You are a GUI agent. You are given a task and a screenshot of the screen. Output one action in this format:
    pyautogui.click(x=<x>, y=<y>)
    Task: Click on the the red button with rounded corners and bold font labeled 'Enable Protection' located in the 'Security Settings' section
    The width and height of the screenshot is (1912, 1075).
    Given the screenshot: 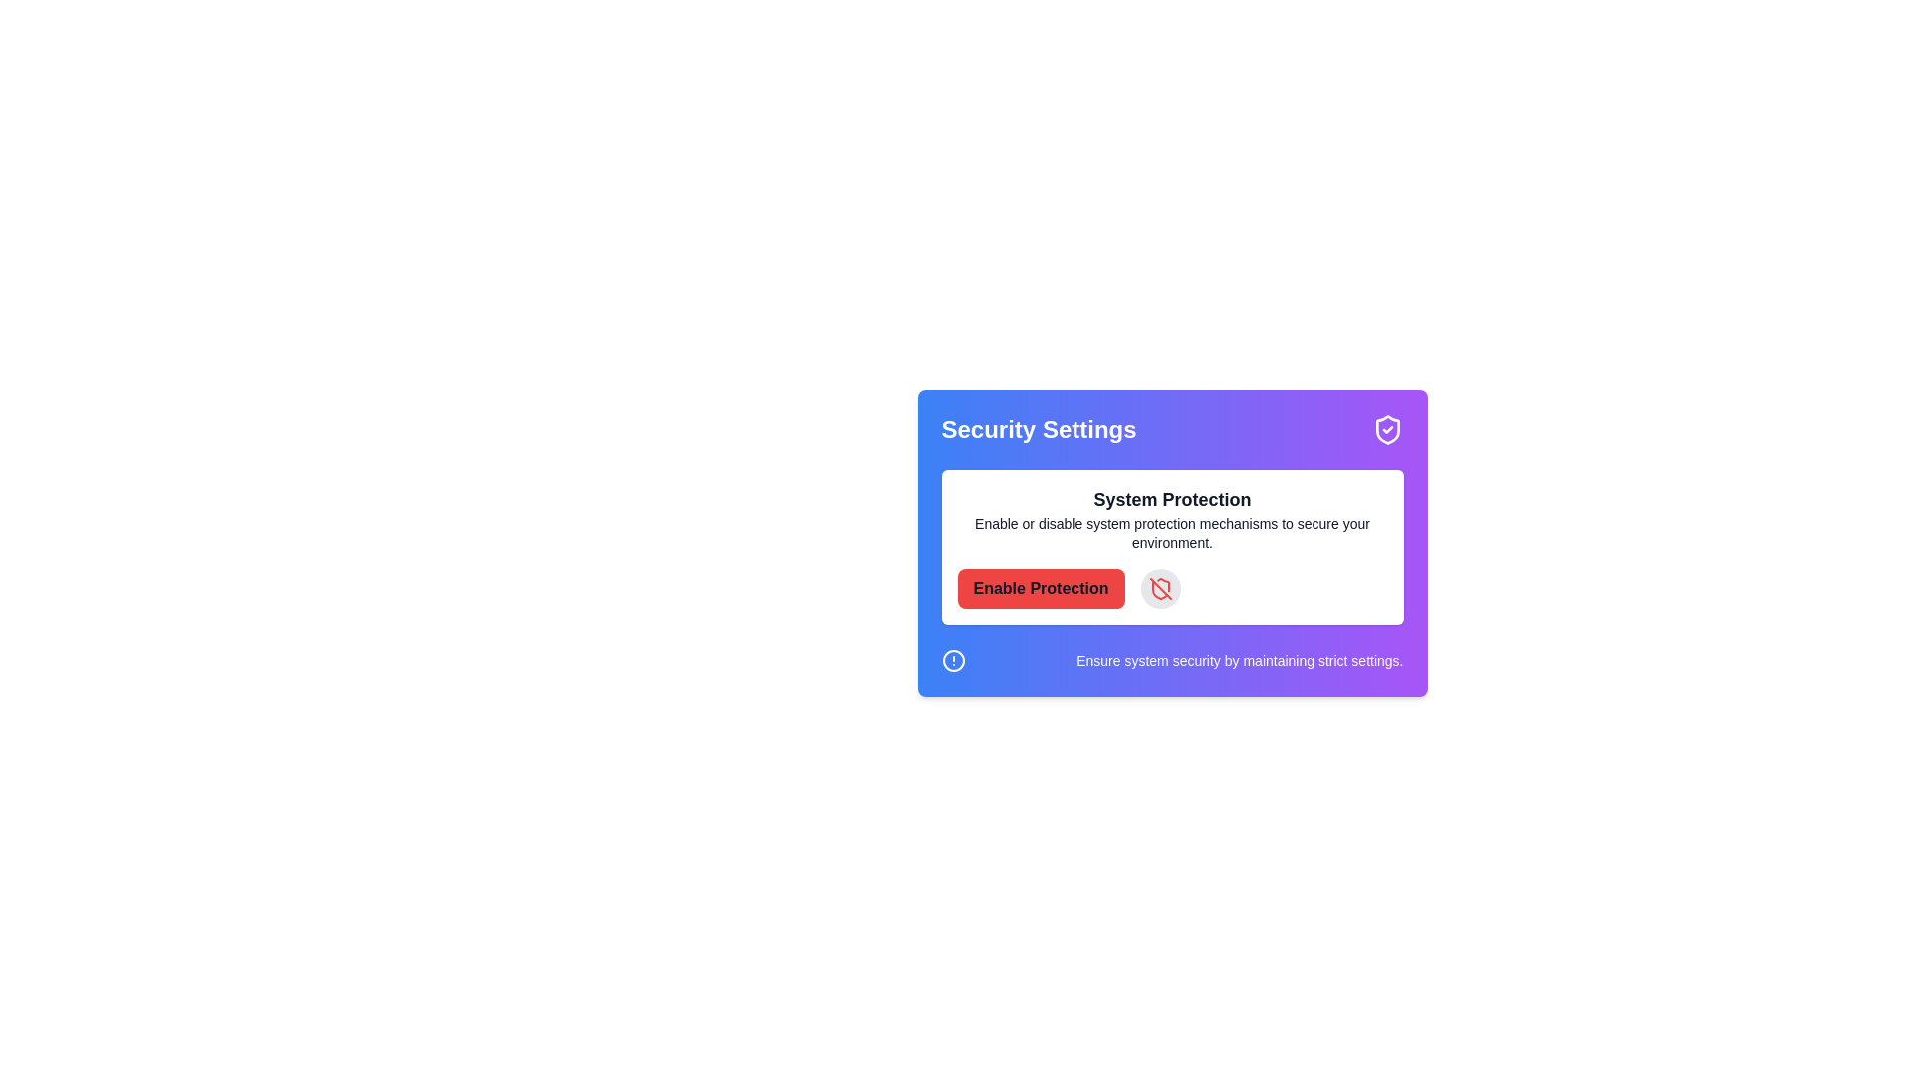 What is the action you would take?
    pyautogui.click(x=1040, y=587)
    